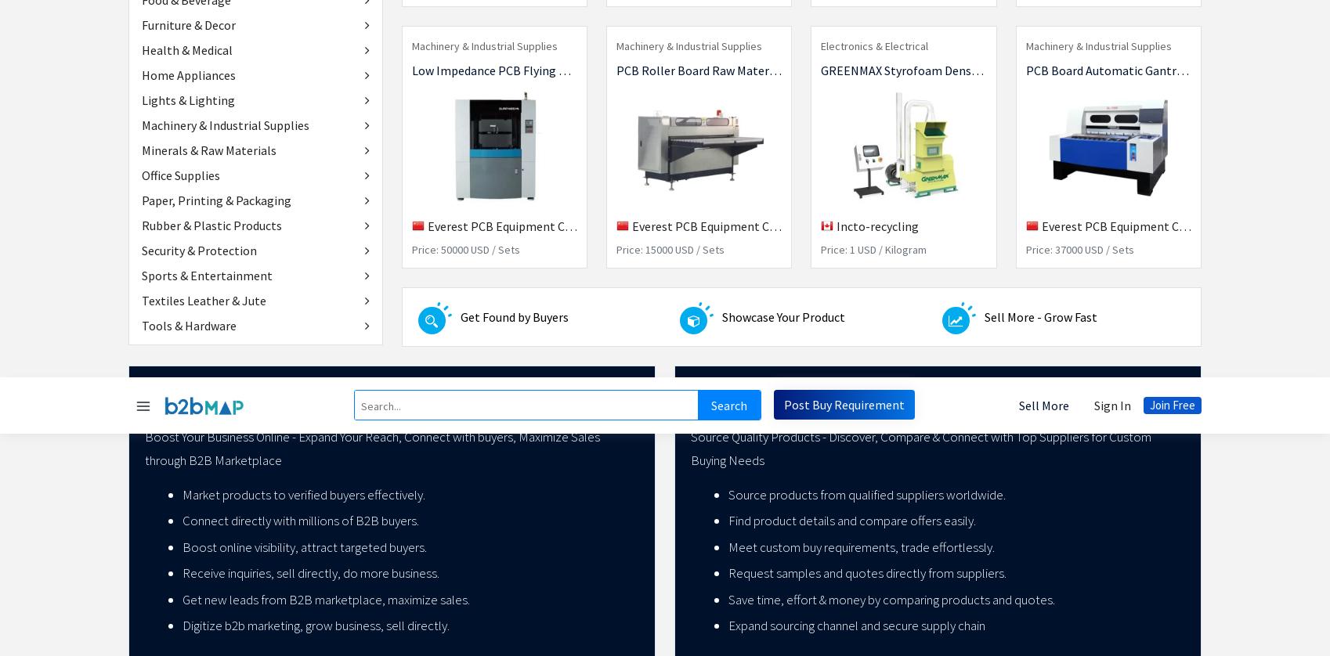  I want to click on 'Taiwan', so click(816, 518).